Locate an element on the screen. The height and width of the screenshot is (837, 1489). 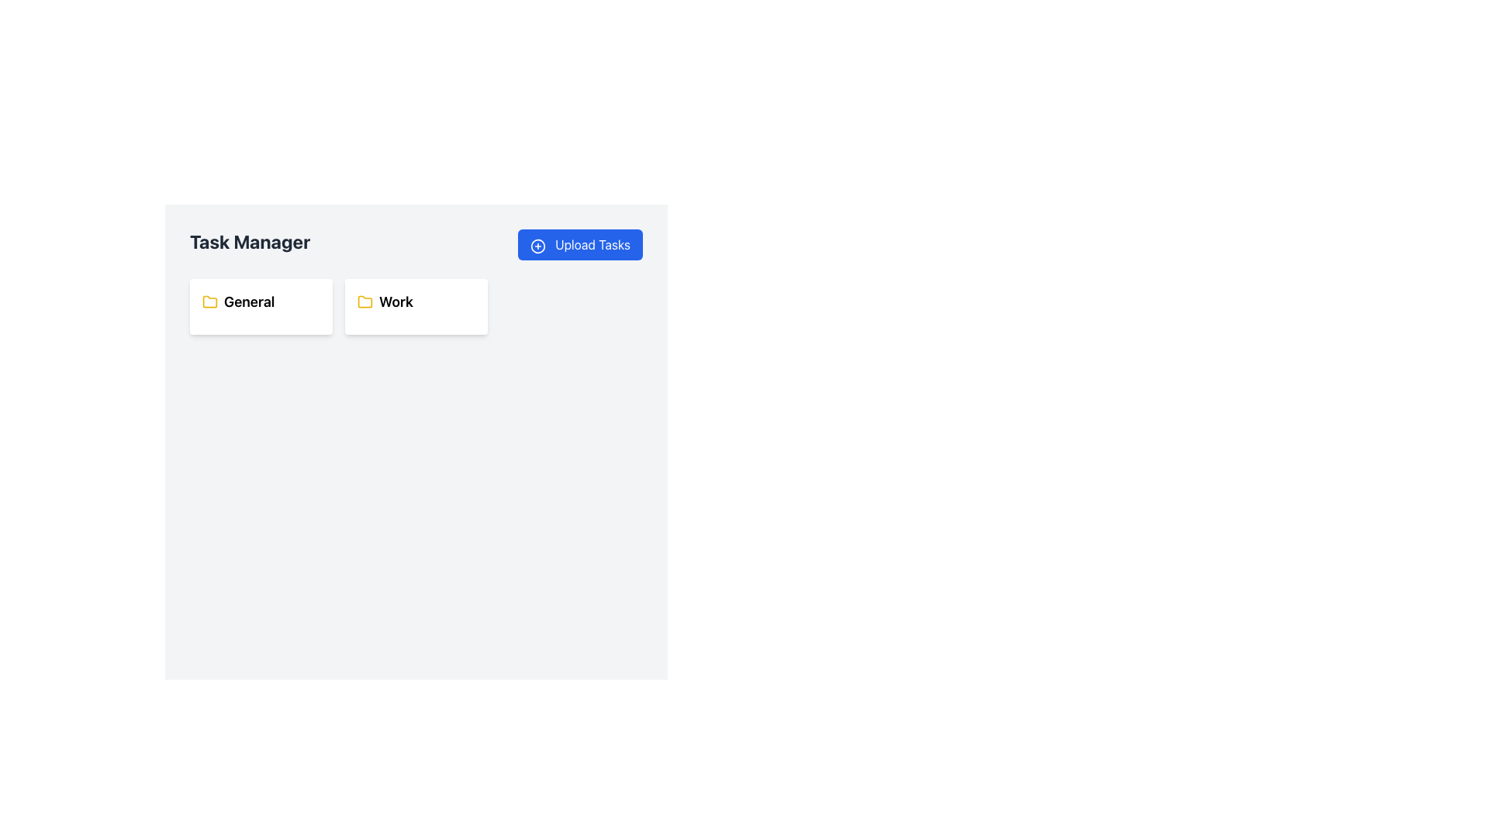
the yellow folder icon located to the left of the 'General' text label in the 'Task Manager' section is located at coordinates (209, 301).